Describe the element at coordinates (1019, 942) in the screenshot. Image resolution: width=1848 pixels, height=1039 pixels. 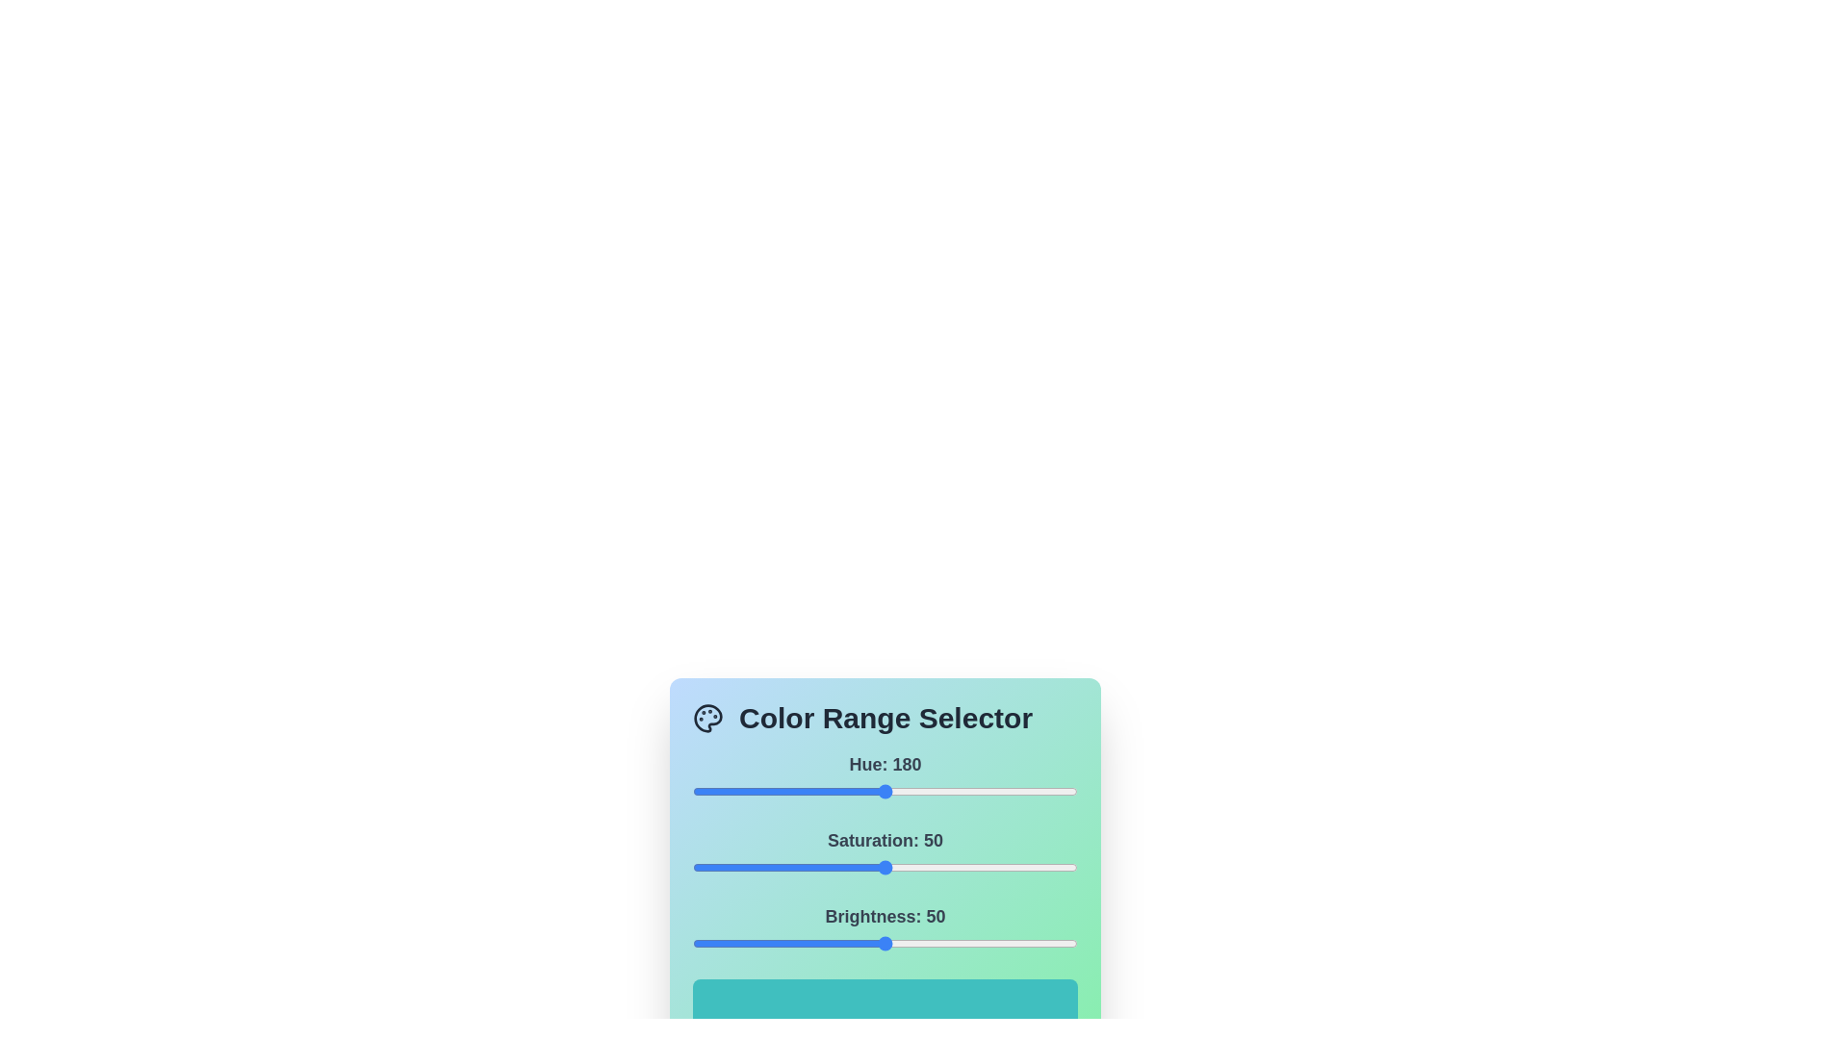
I see `the brightness slider to set the brightness value to 85` at that location.